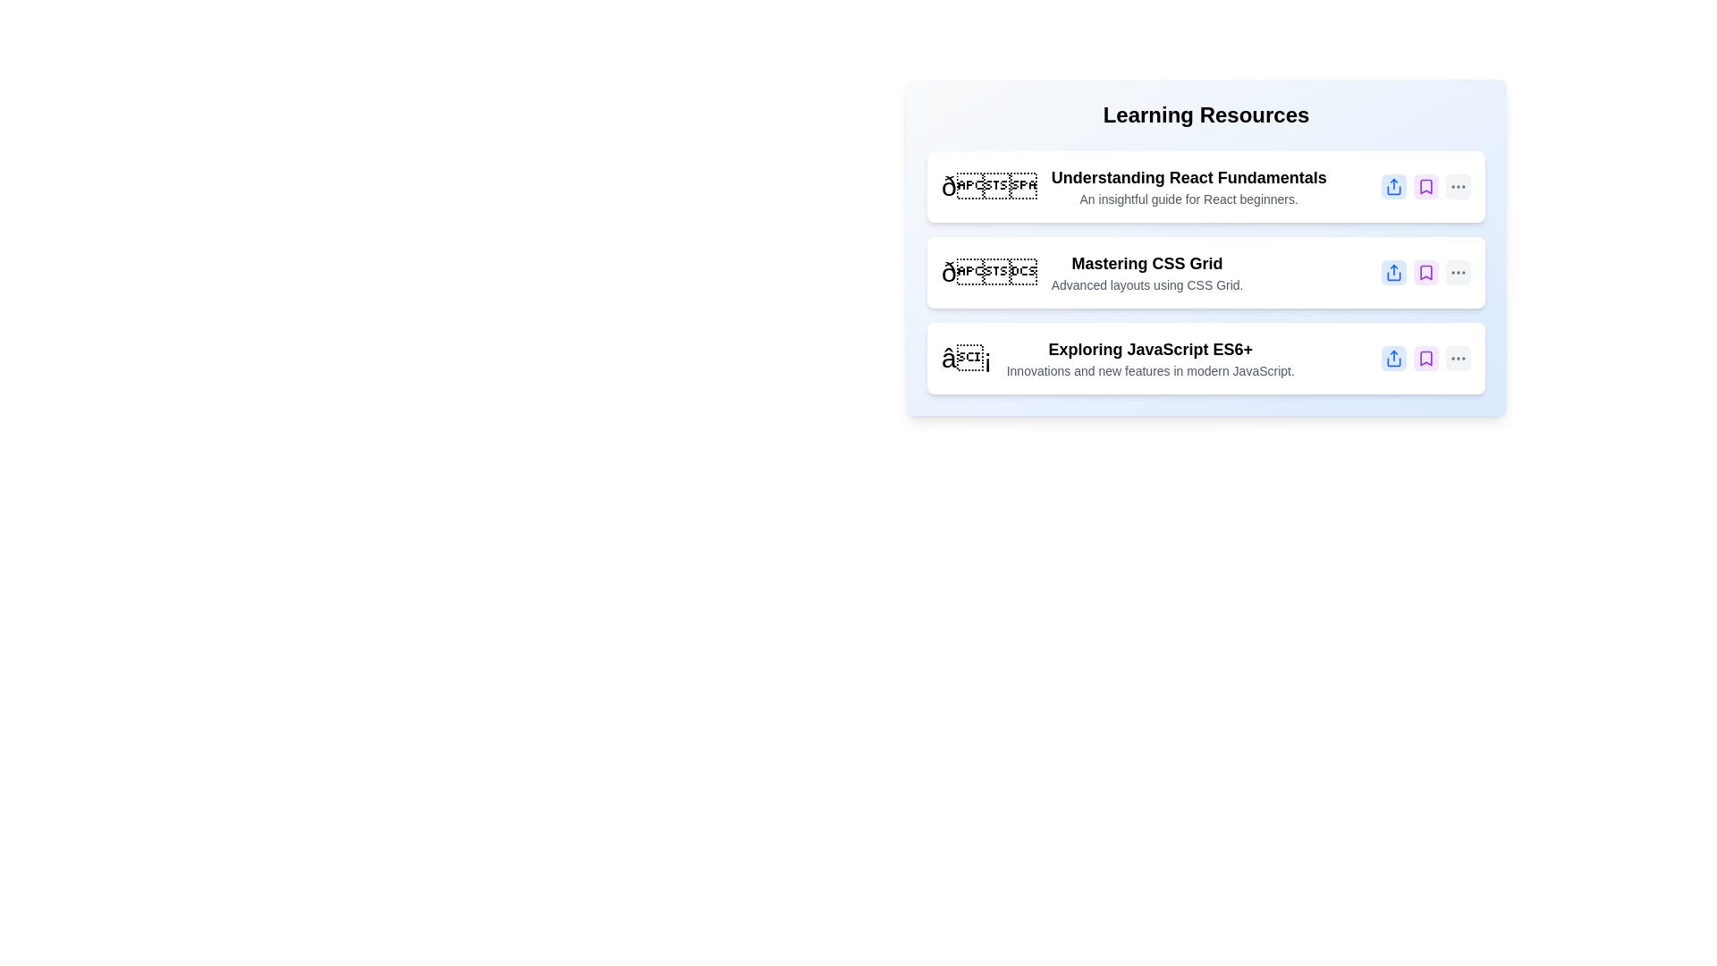  I want to click on the icon of the item with the title Understanding React Fundamentals, so click(988, 186).